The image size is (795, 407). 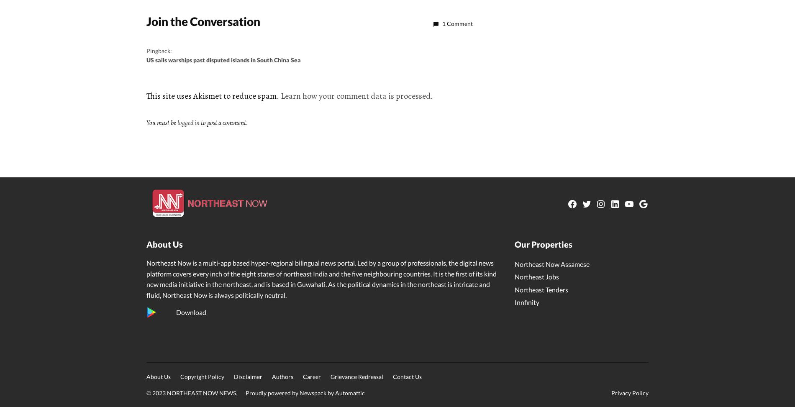 I want to click on 'Download', so click(x=190, y=312).